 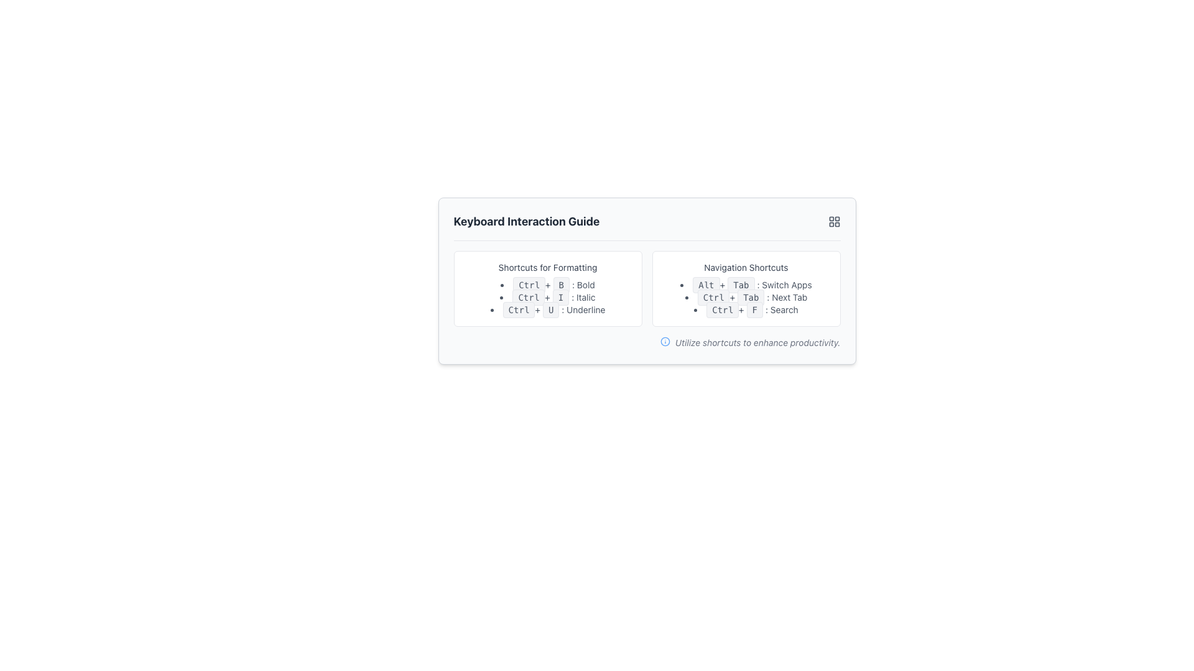 What do you see at coordinates (750, 297) in the screenshot?
I see `the 'Tab' button in the 'Navigation Shortcuts' section of the 'Keyboard Interaction Guide', which is styled as a light gray rectangular label with rounded corners` at bounding box center [750, 297].